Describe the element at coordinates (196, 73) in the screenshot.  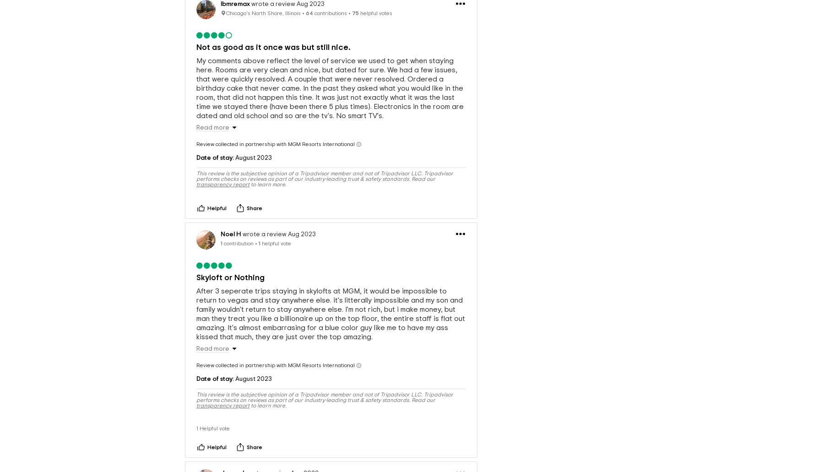
I see `'My comments above reflect the level of service we used to get when staying here. Rooms are very clean and nice, but dated for sure. We had a few issues, that were quickly resolved. A couple that were never resolved. Ordered a birthday cake that never came. In the past they asked what you would like in the room, that did not happen this tine. It was just not exactly what it was the last time we stayed there (have been there 5 plus times). Electronics in the room are dated and old school and so are the tv's. No smart TV's.'` at that location.